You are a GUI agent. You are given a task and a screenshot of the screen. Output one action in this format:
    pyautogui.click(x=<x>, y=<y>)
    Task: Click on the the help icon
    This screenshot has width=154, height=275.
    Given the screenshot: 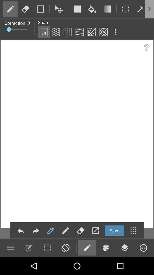 What is the action you would take?
    pyautogui.click(x=146, y=47)
    